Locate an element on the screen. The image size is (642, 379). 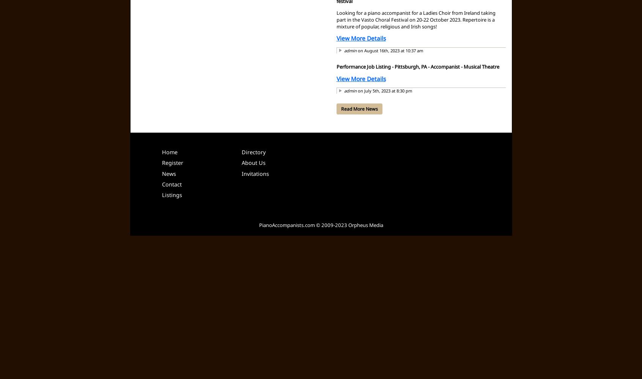
'Contact' is located at coordinates (171, 183).